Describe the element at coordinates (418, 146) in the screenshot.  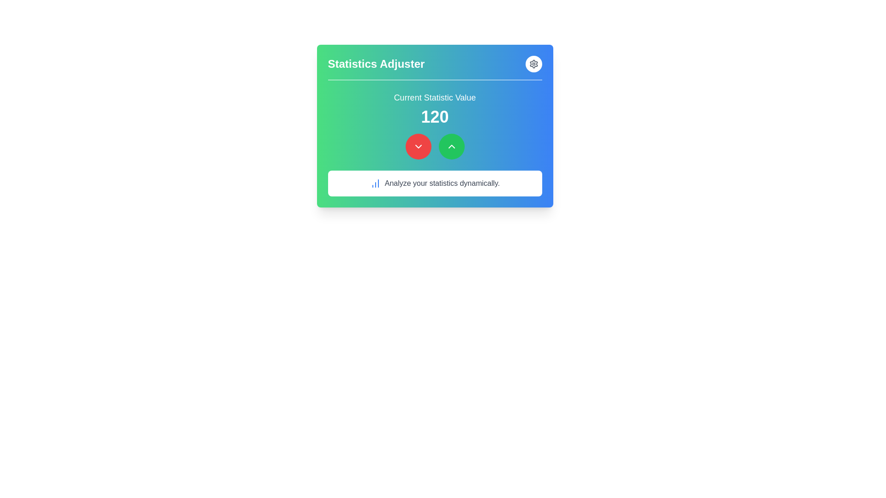
I see `the circular red button with a downward chevron icon located below the displayed value to change its color` at that location.